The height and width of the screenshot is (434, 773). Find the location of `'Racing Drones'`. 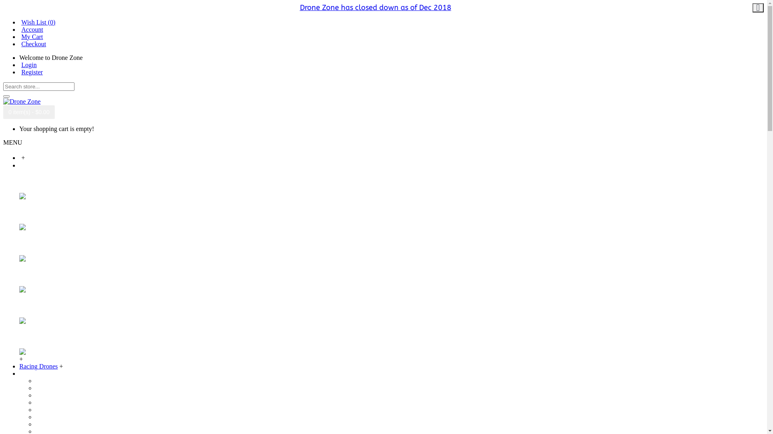

'Racing Drones' is located at coordinates (38, 366).